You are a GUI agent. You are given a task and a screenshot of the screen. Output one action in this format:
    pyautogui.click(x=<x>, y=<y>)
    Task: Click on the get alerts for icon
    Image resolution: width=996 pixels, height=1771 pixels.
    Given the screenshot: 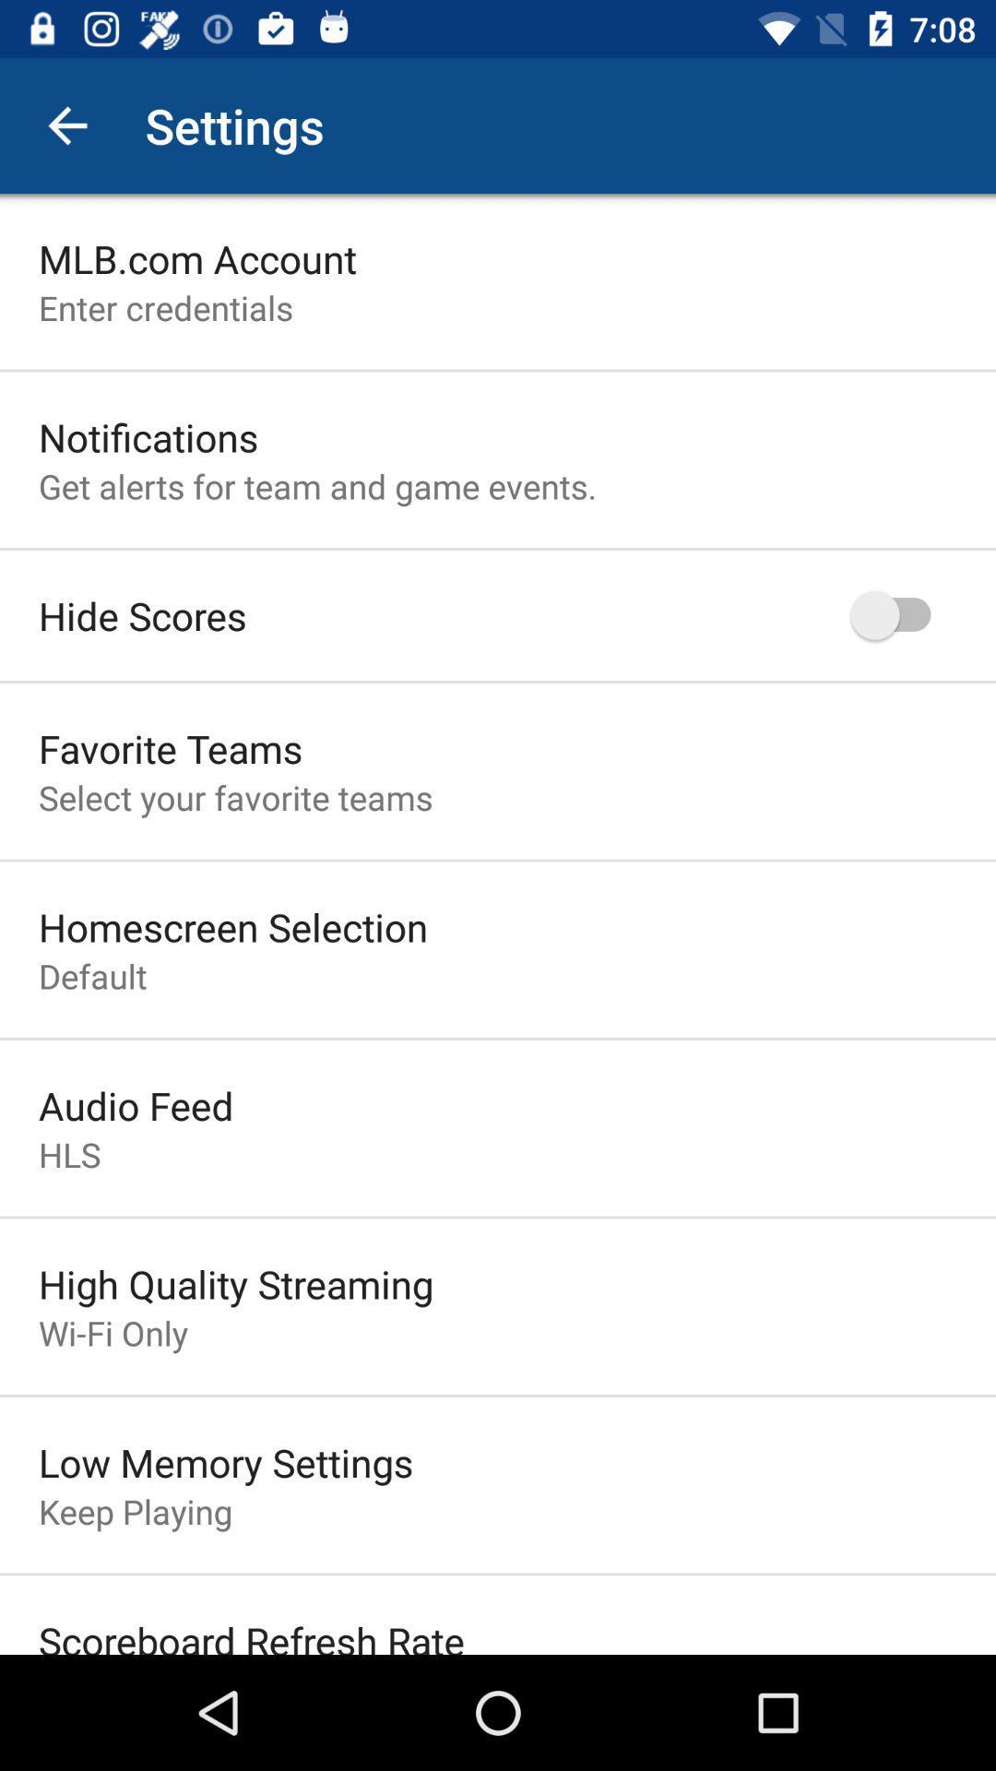 What is the action you would take?
    pyautogui.click(x=316, y=486)
    